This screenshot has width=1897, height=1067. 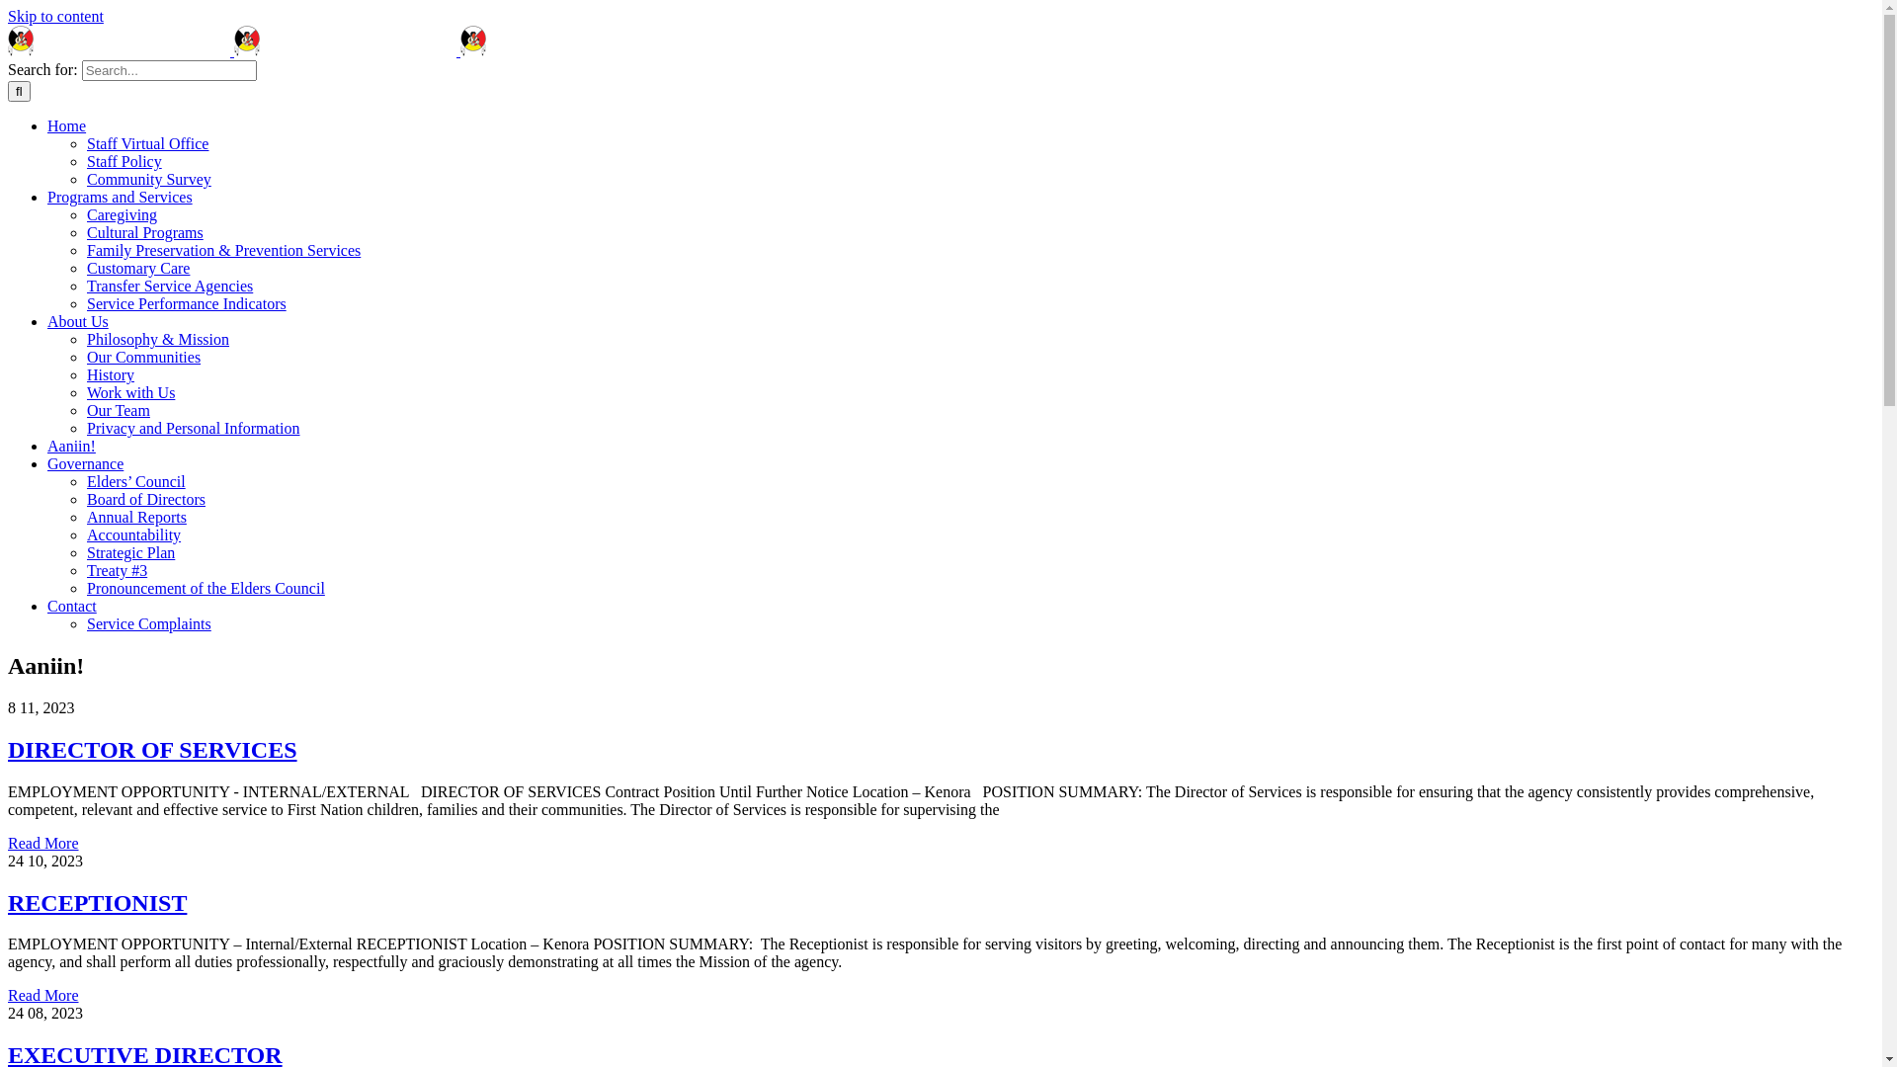 What do you see at coordinates (85, 516) in the screenshot?
I see `'Annual Reports'` at bounding box center [85, 516].